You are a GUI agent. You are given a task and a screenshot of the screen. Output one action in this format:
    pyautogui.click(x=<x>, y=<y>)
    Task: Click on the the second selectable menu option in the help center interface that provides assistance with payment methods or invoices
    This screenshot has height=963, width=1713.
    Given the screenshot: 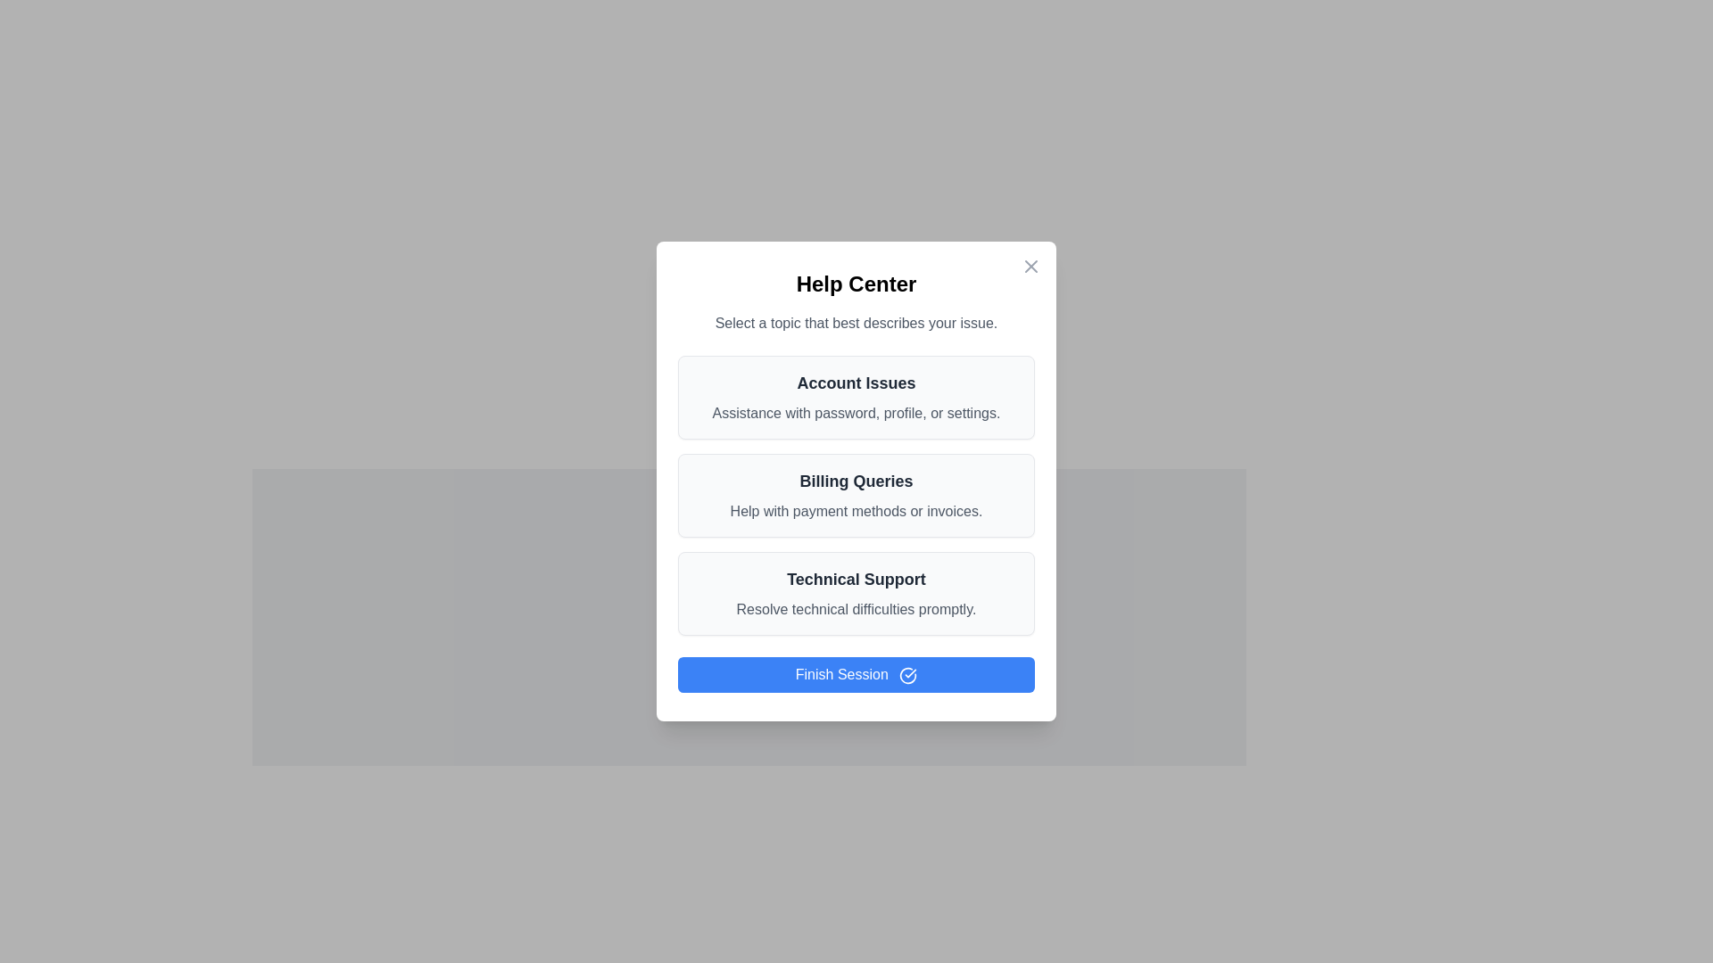 What is the action you would take?
    pyautogui.click(x=856, y=495)
    